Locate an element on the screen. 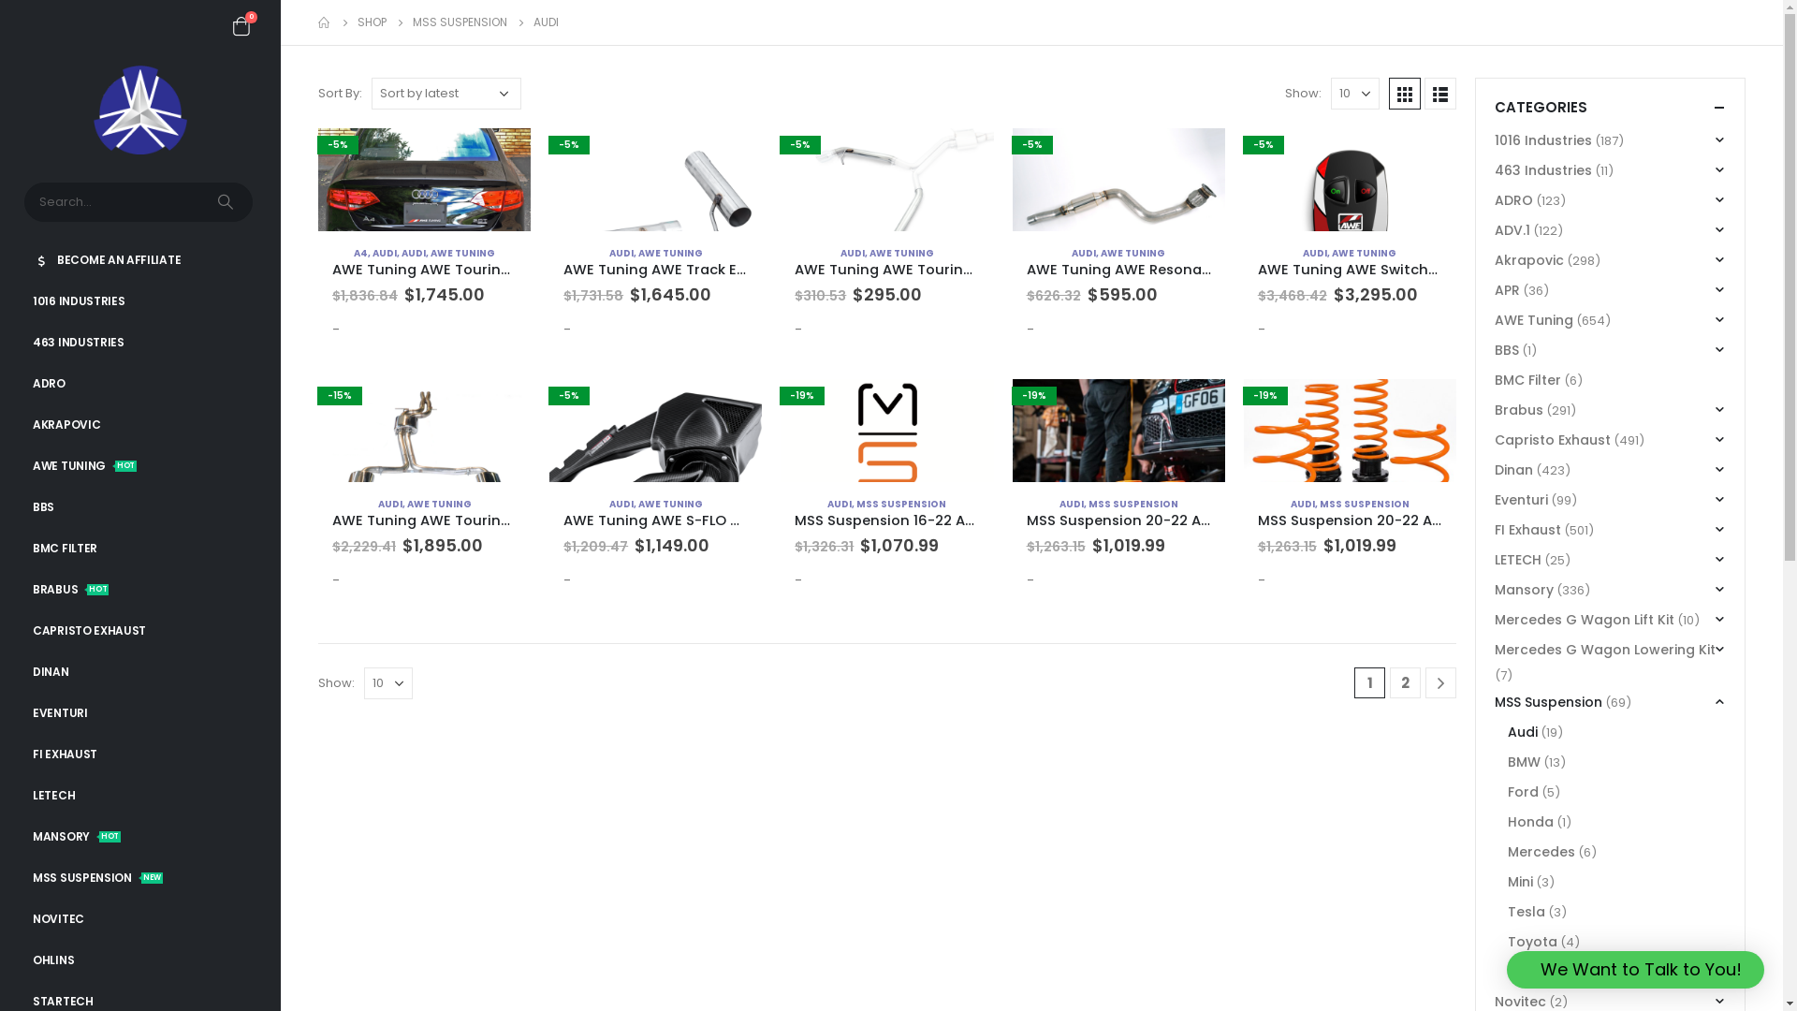 This screenshot has height=1011, width=1797. '463 INDUSTRIES' is located at coordinates (139, 343).